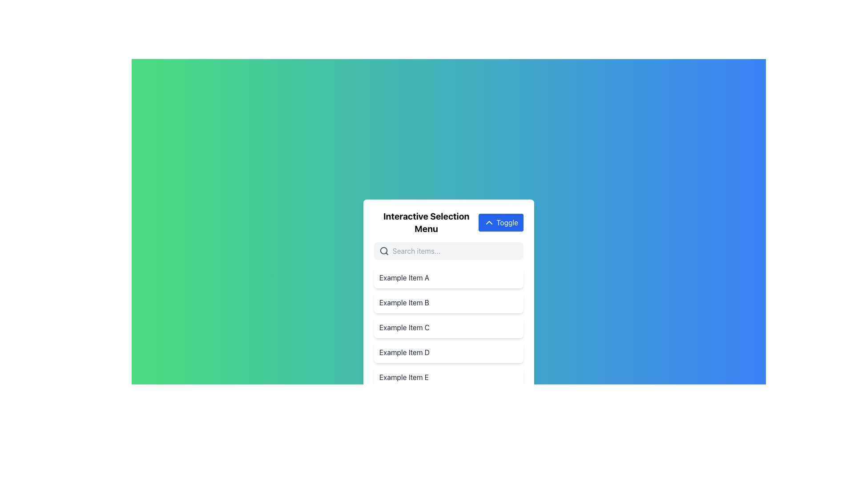 The width and height of the screenshot is (854, 480). Describe the element at coordinates (489, 222) in the screenshot. I see `the 'Toggle' button which contains the chevron up arrow icon on a blue background, positioned to the left of the button's label text` at that location.